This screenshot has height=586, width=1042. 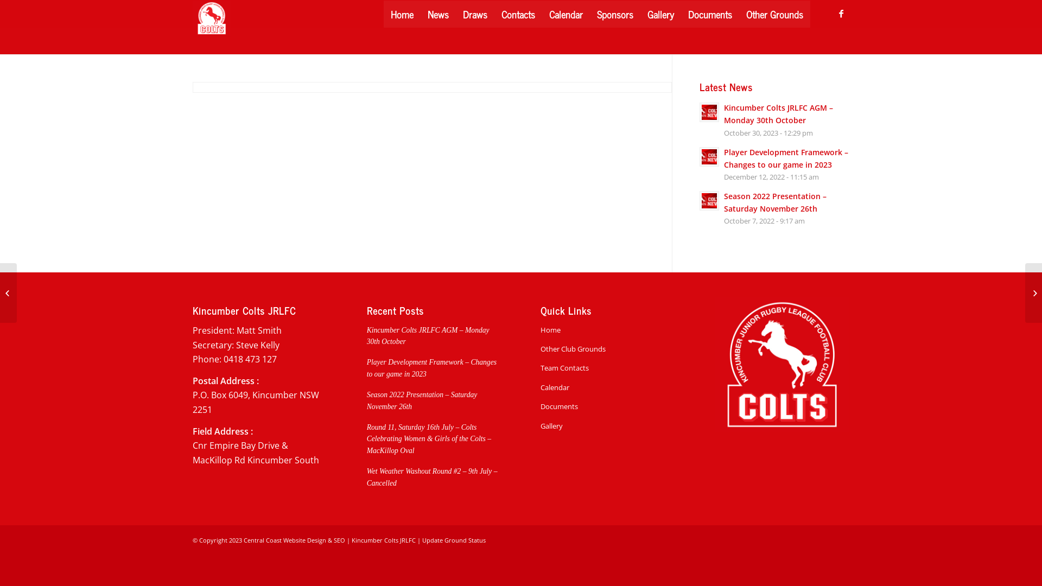 What do you see at coordinates (607, 387) in the screenshot?
I see `'Calendar'` at bounding box center [607, 387].